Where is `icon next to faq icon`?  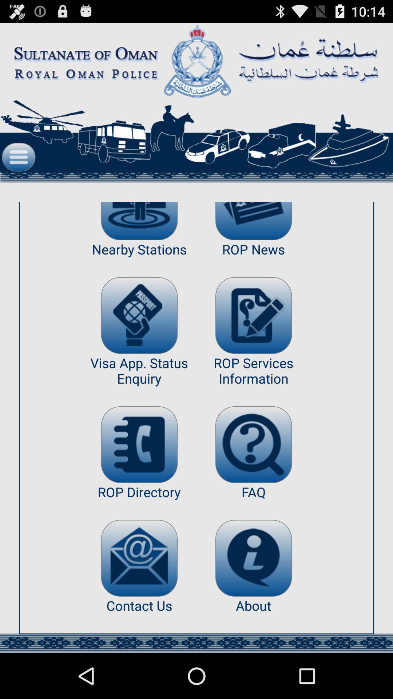 icon next to faq icon is located at coordinates (139, 558).